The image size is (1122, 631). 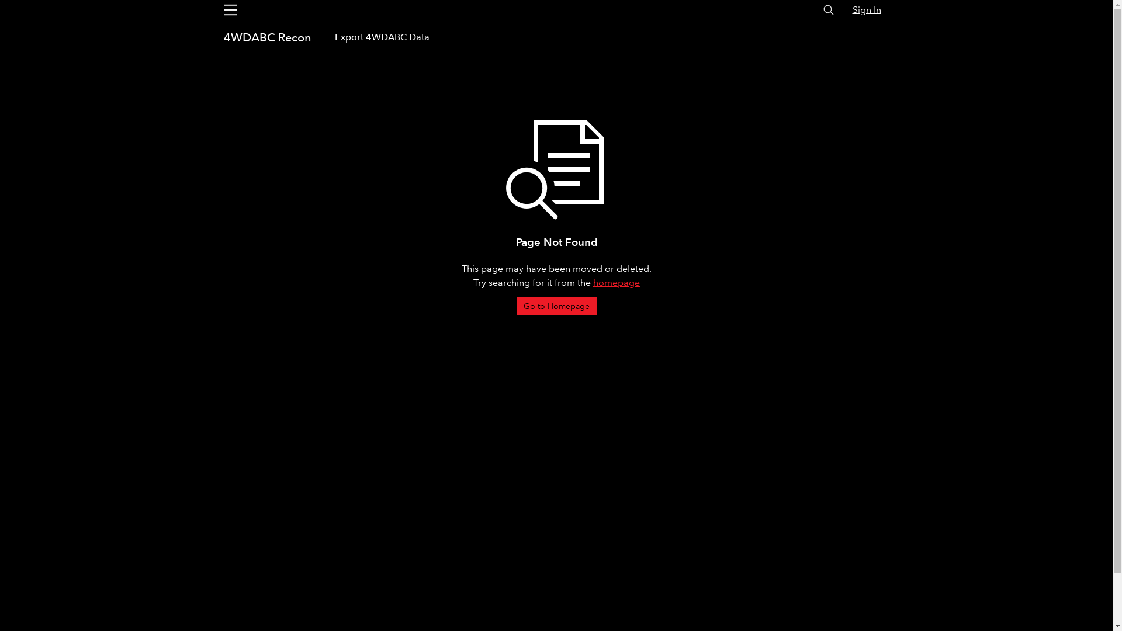 What do you see at coordinates (268, 37) in the screenshot?
I see `'4WDABC Recon'` at bounding box center [268, 37].